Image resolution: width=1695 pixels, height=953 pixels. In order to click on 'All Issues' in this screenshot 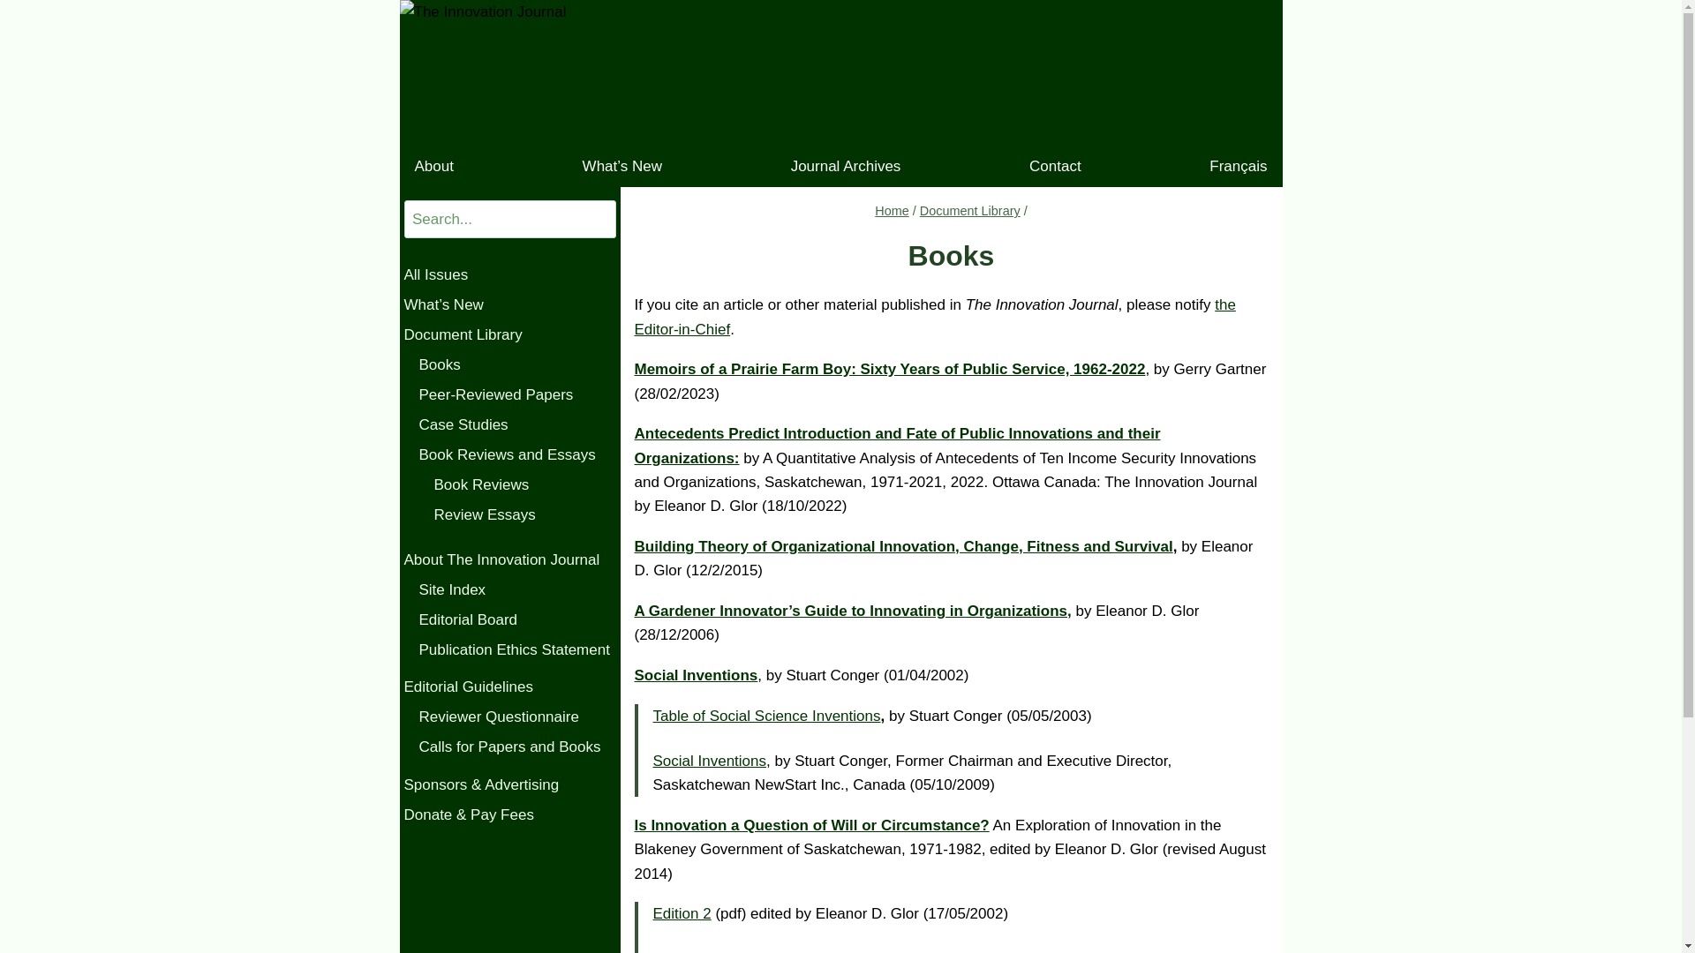, I will do `click(508, 275)`.